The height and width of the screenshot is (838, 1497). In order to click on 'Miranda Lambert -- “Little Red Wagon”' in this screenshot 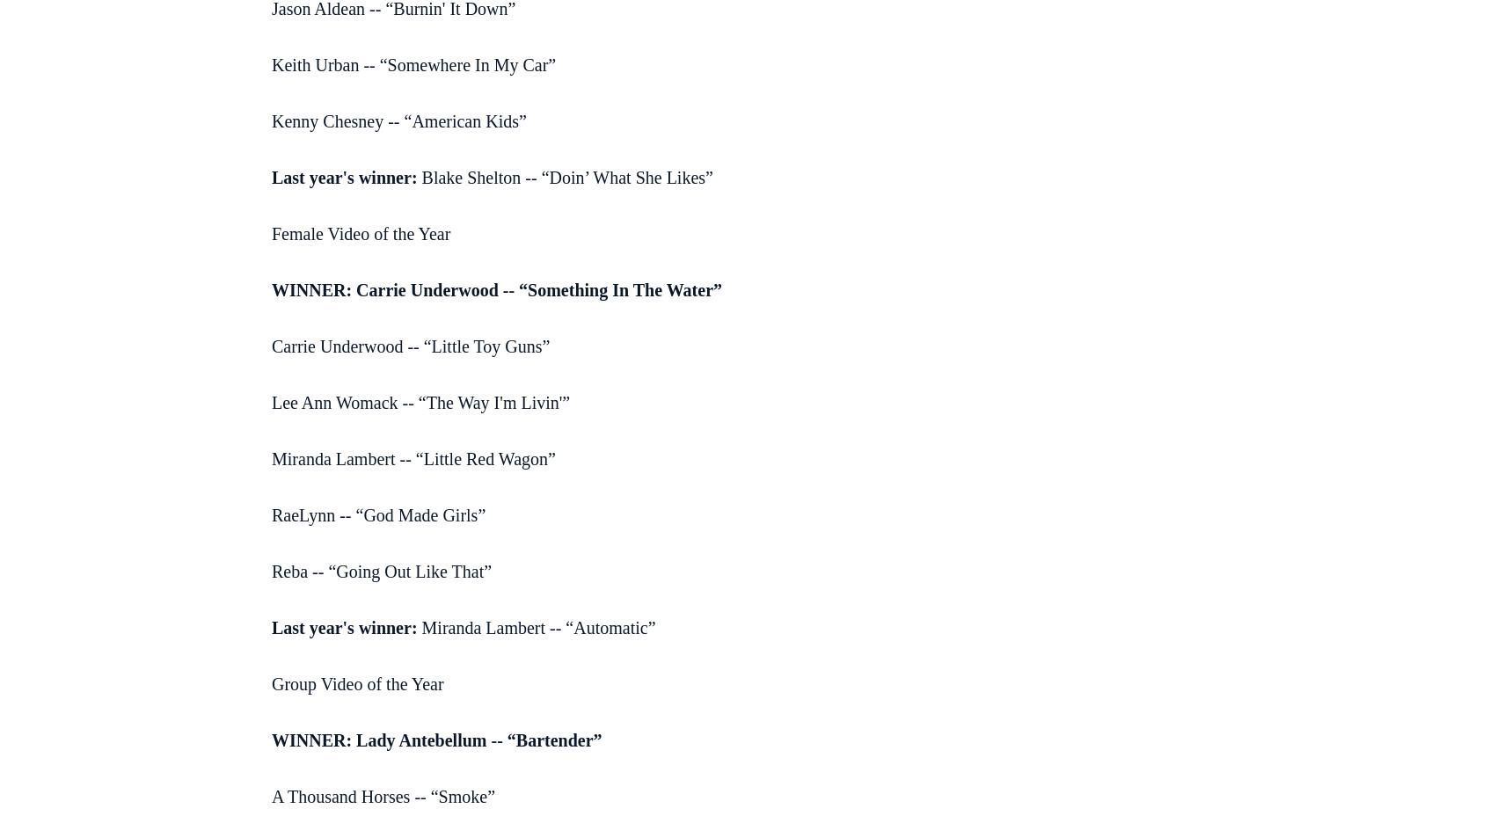, I will do `click(412, 458)`.